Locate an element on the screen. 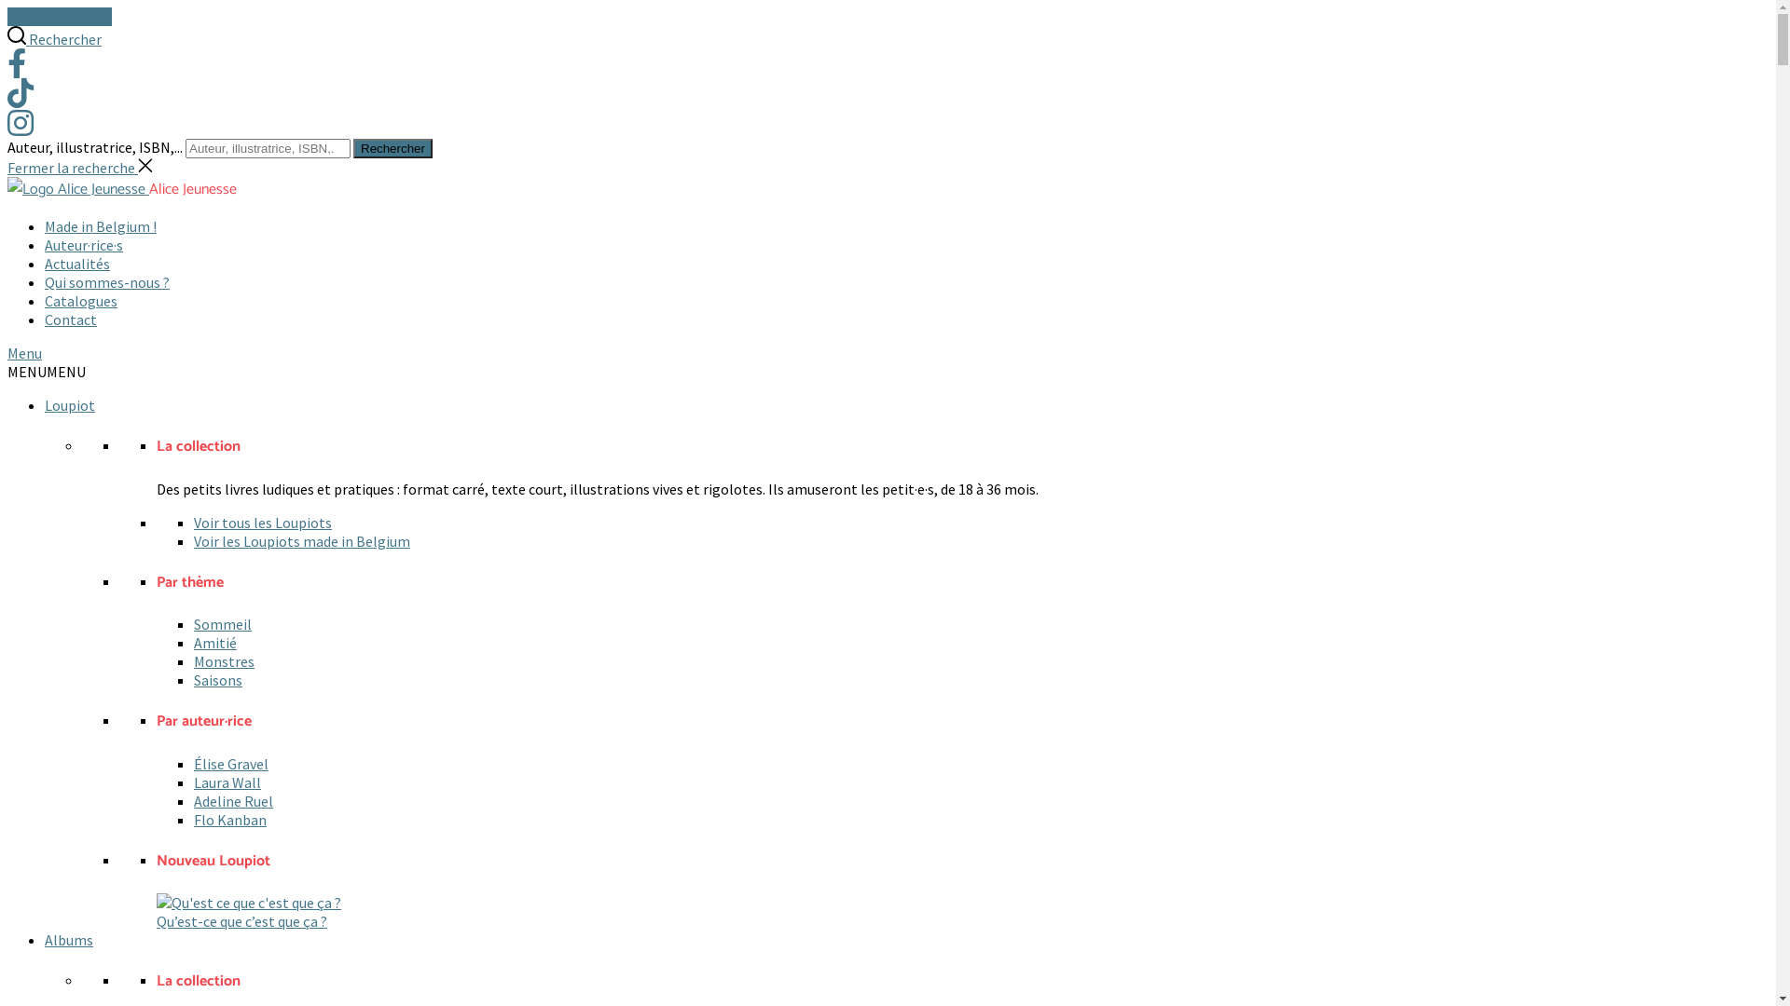 The width and height of the screenshot is (1790, 1006). 'Albums' is located at coordinates (68, 940).